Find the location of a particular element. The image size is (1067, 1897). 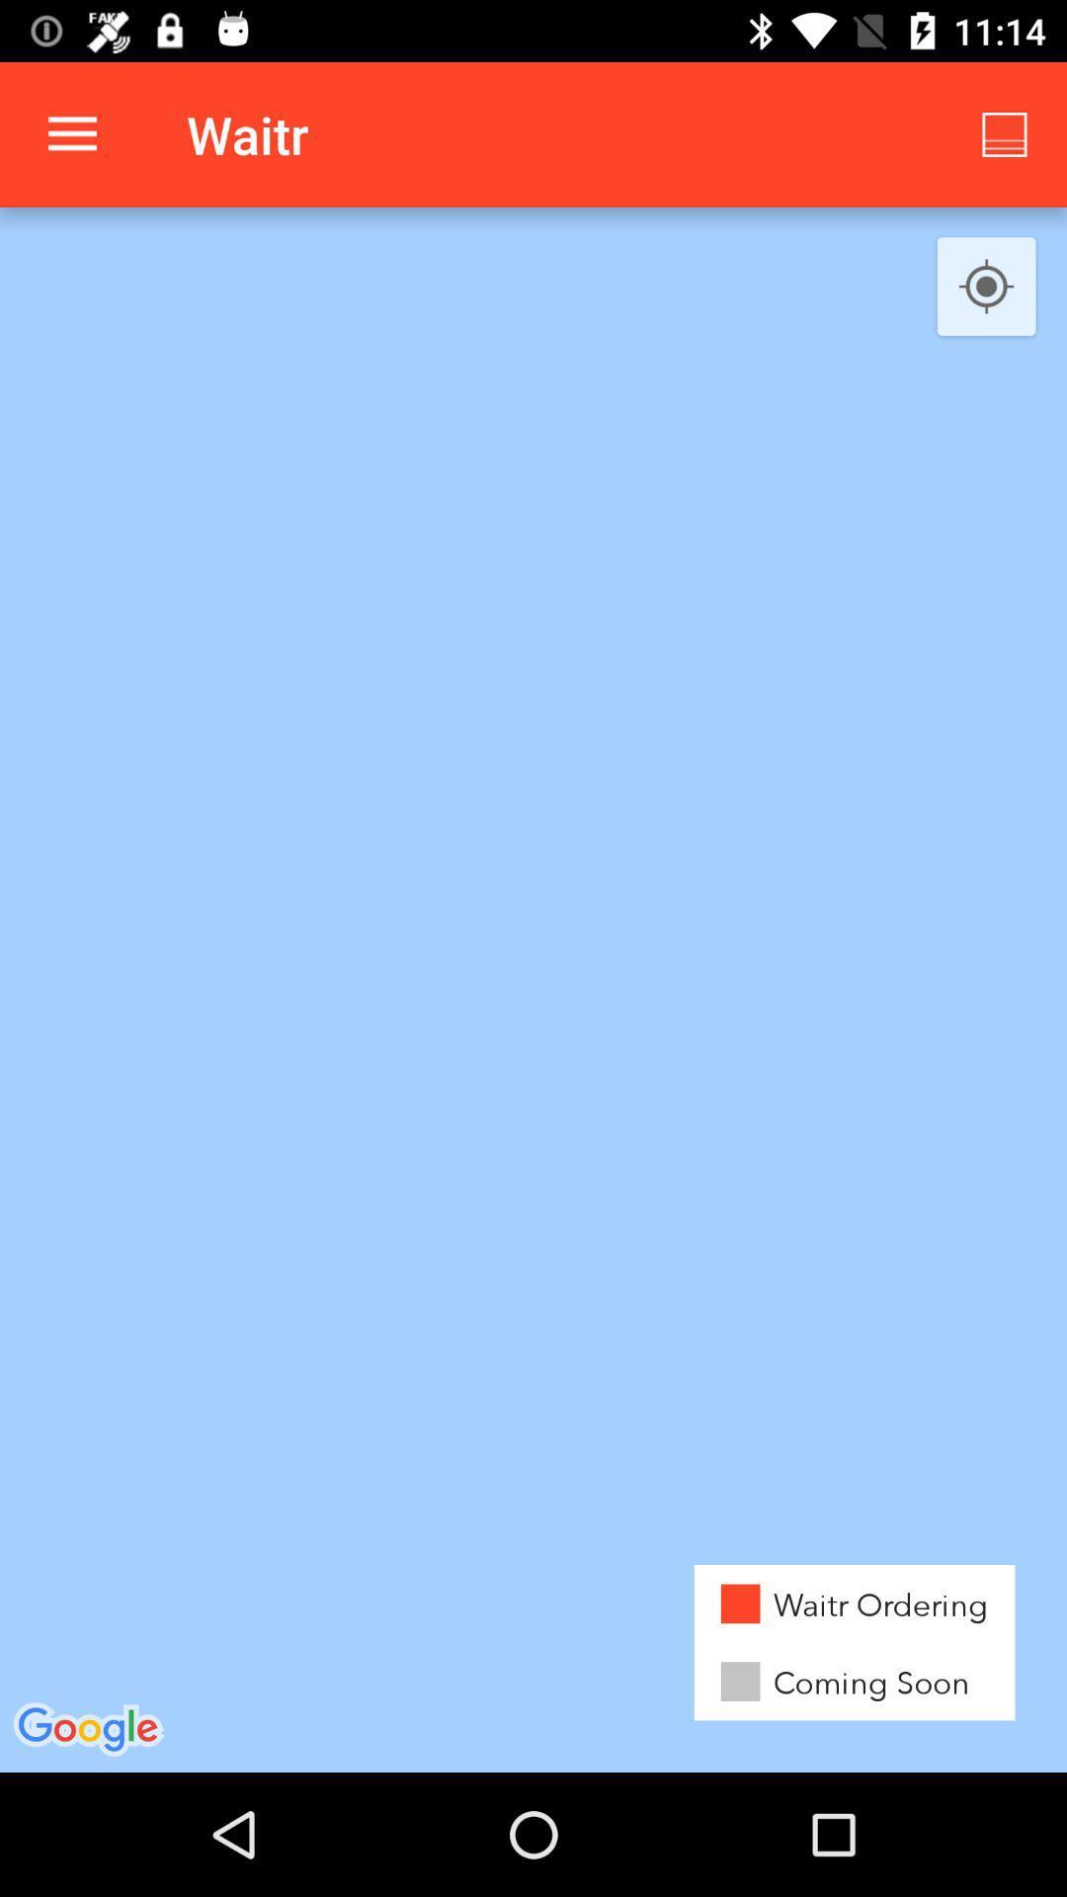

app next to waitr item is located at coordinates (71, 133).